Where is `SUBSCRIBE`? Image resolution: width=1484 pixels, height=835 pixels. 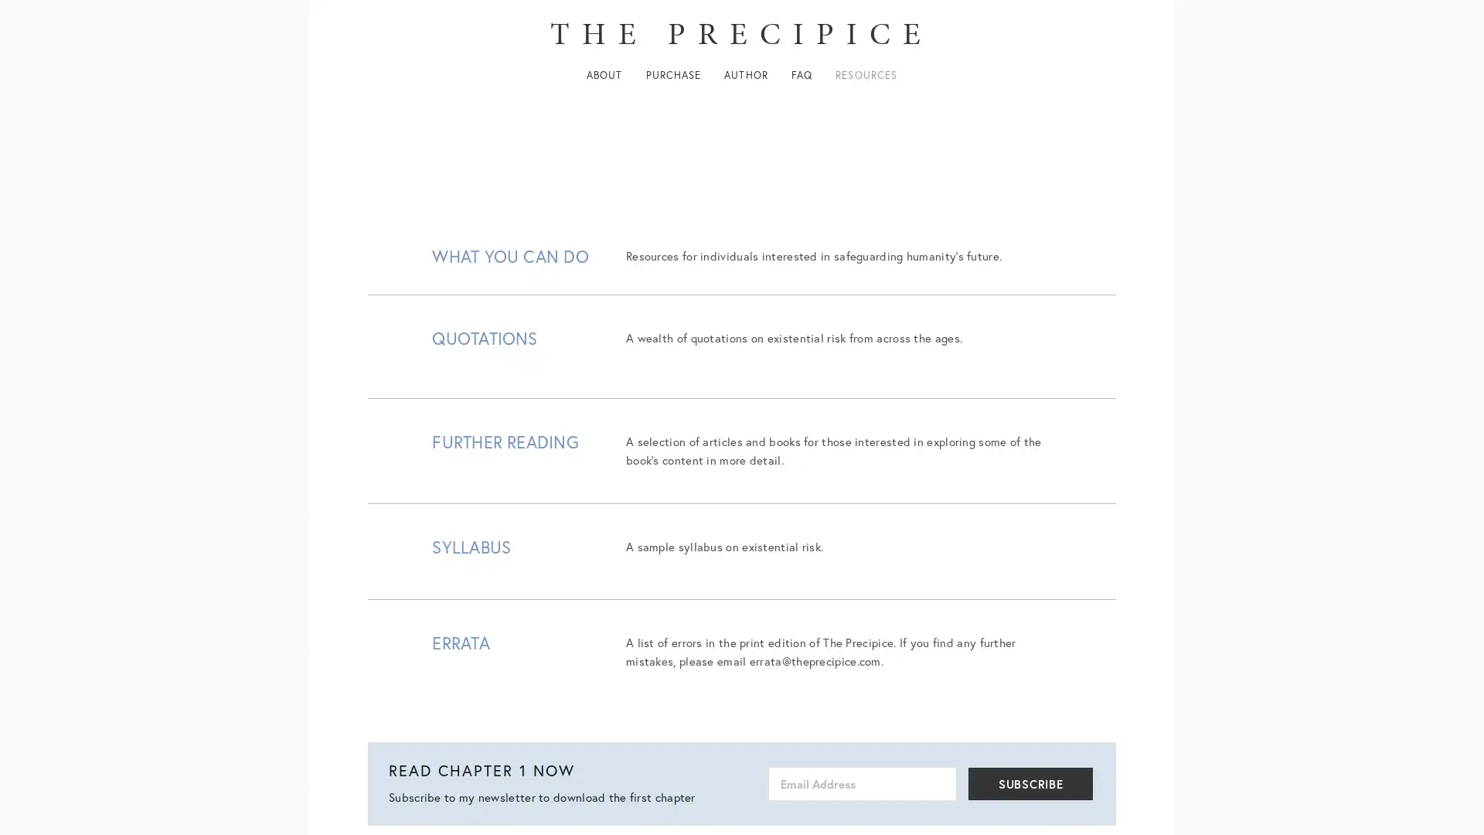 SUBSCRIBE is located at coordinates (1030, 784).